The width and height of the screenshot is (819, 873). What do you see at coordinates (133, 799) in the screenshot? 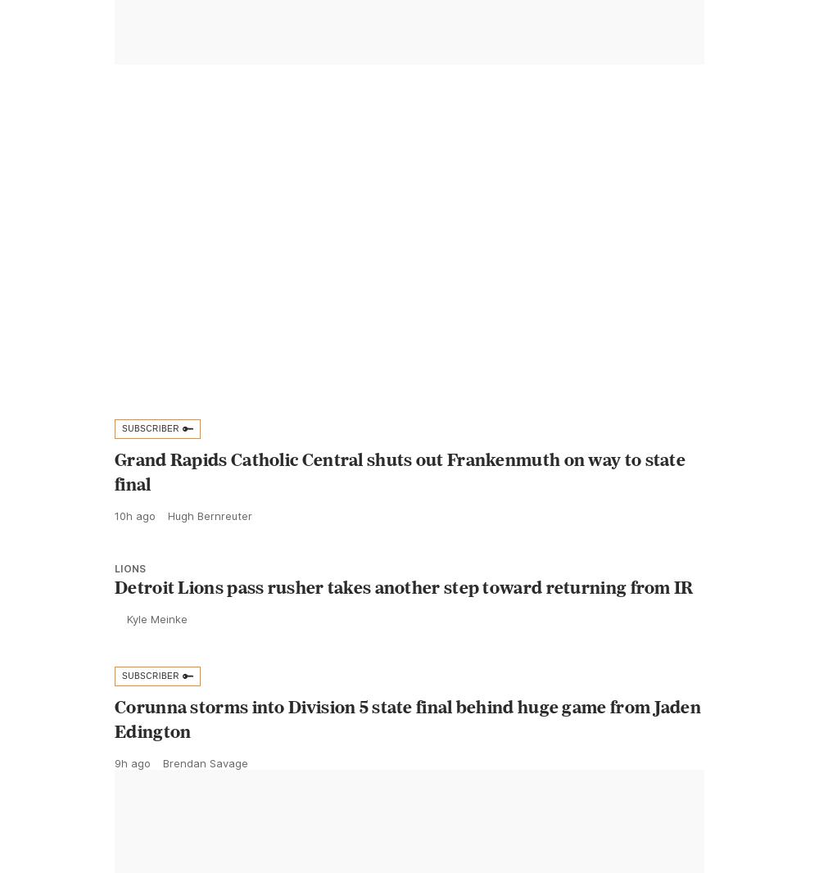
I see `'9h ago'` at bounding box center [133, 799].